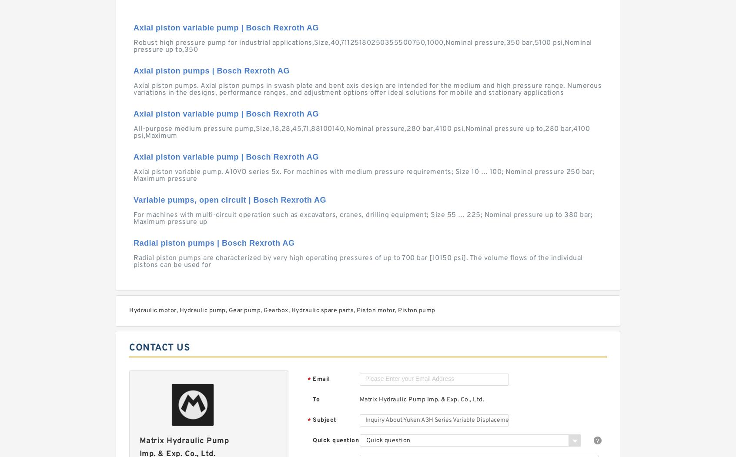 The image size is (736, 457). I want to click on 'Contact Us', so click(159, 347).